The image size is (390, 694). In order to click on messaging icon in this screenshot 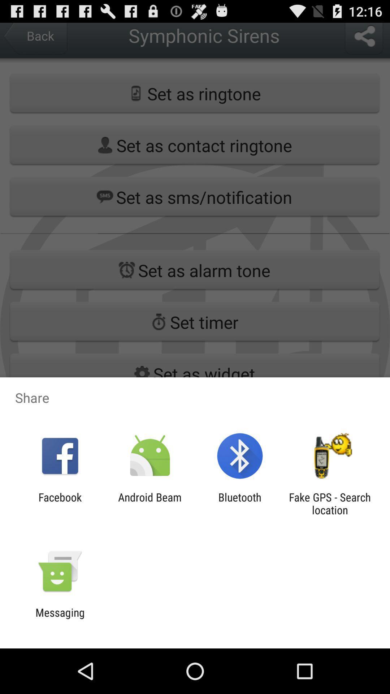, I will do `click(60, 618)`.